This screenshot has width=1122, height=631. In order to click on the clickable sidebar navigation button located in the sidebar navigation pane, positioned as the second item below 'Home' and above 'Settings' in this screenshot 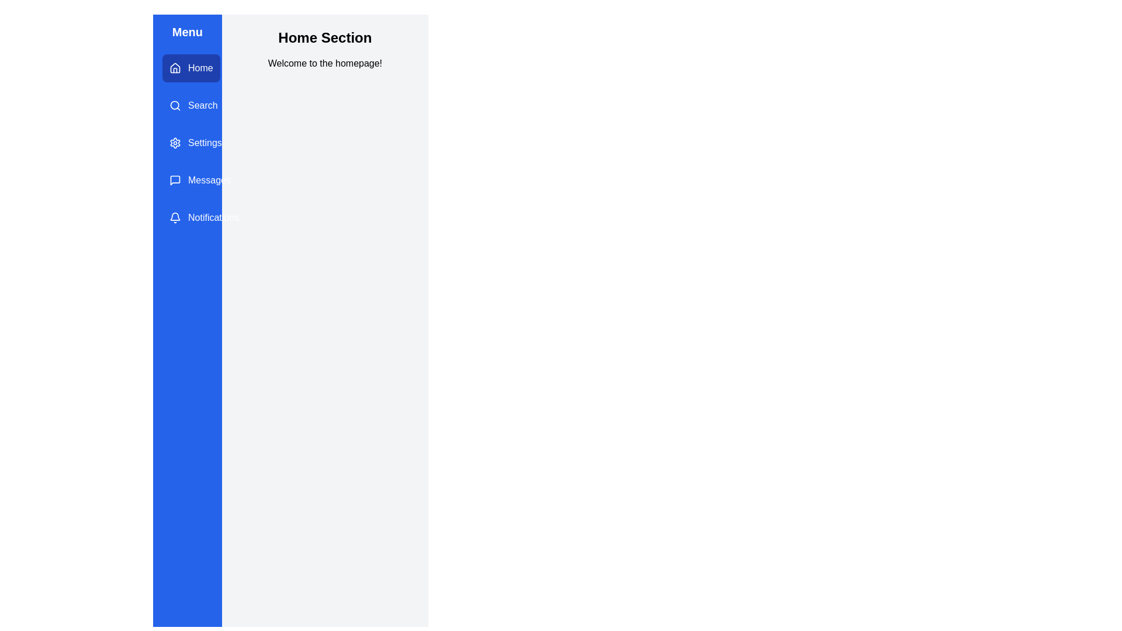, I will do `click(193, 106)`.